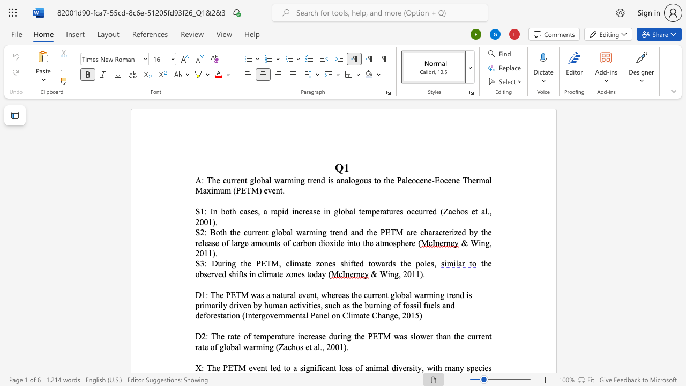 This screenshot has height=386, width=686. I want to click on the 4th character "m" in the text, so click(227, 190).